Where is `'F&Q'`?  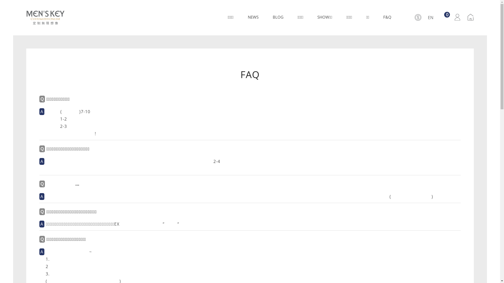
'F&Q' is located at coordinates (387, 17).